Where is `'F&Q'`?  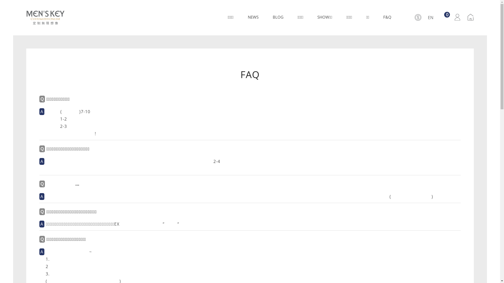
'F&Q' is located at coordinates (387, 17).